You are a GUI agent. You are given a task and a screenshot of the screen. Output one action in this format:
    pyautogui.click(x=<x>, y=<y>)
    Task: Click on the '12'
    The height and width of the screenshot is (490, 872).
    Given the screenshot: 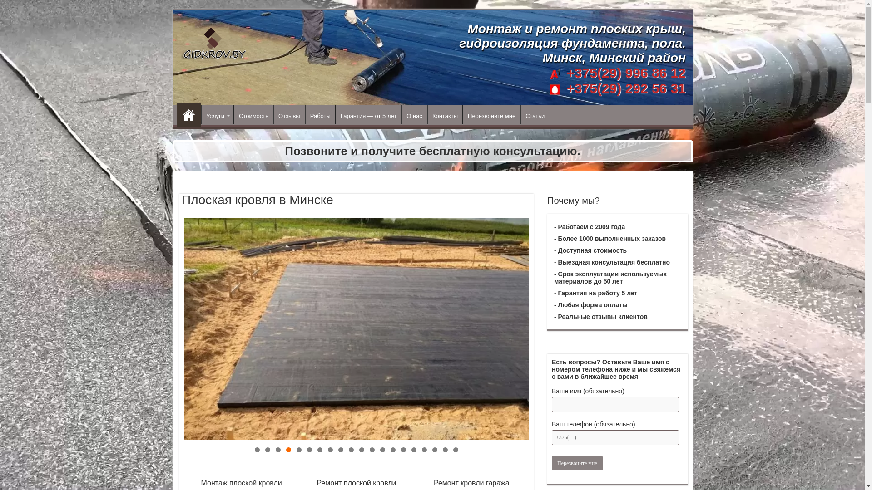 What is the action you would take?
    pyautogui.click(x=372, y=450)
    